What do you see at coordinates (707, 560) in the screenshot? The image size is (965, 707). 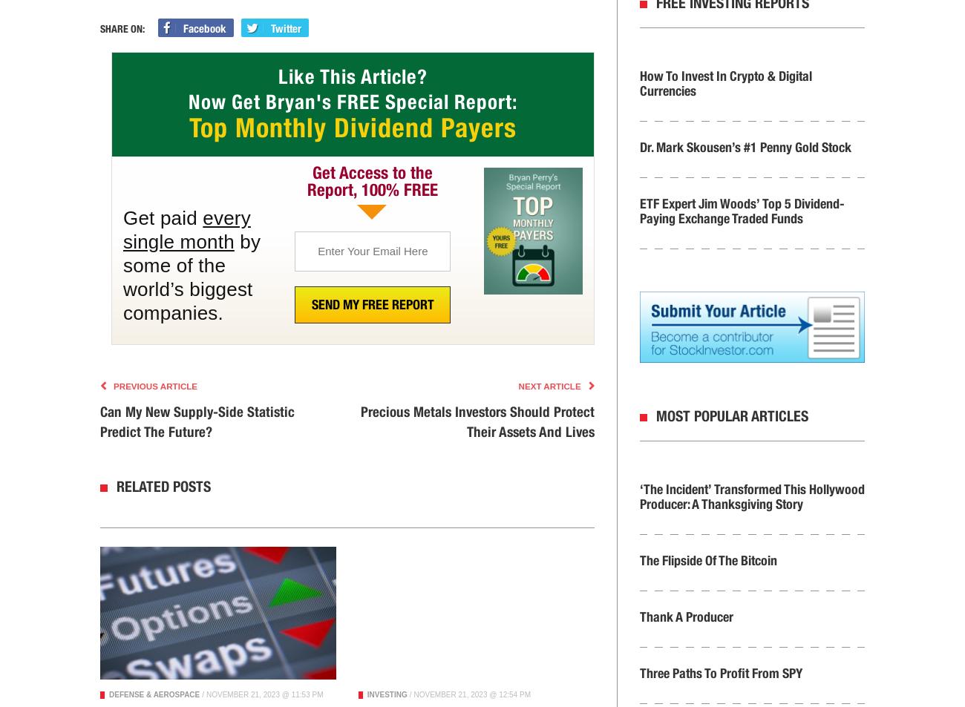 I see `'The Flipside of the Bitcoin'` at bounding box center [707, 560].